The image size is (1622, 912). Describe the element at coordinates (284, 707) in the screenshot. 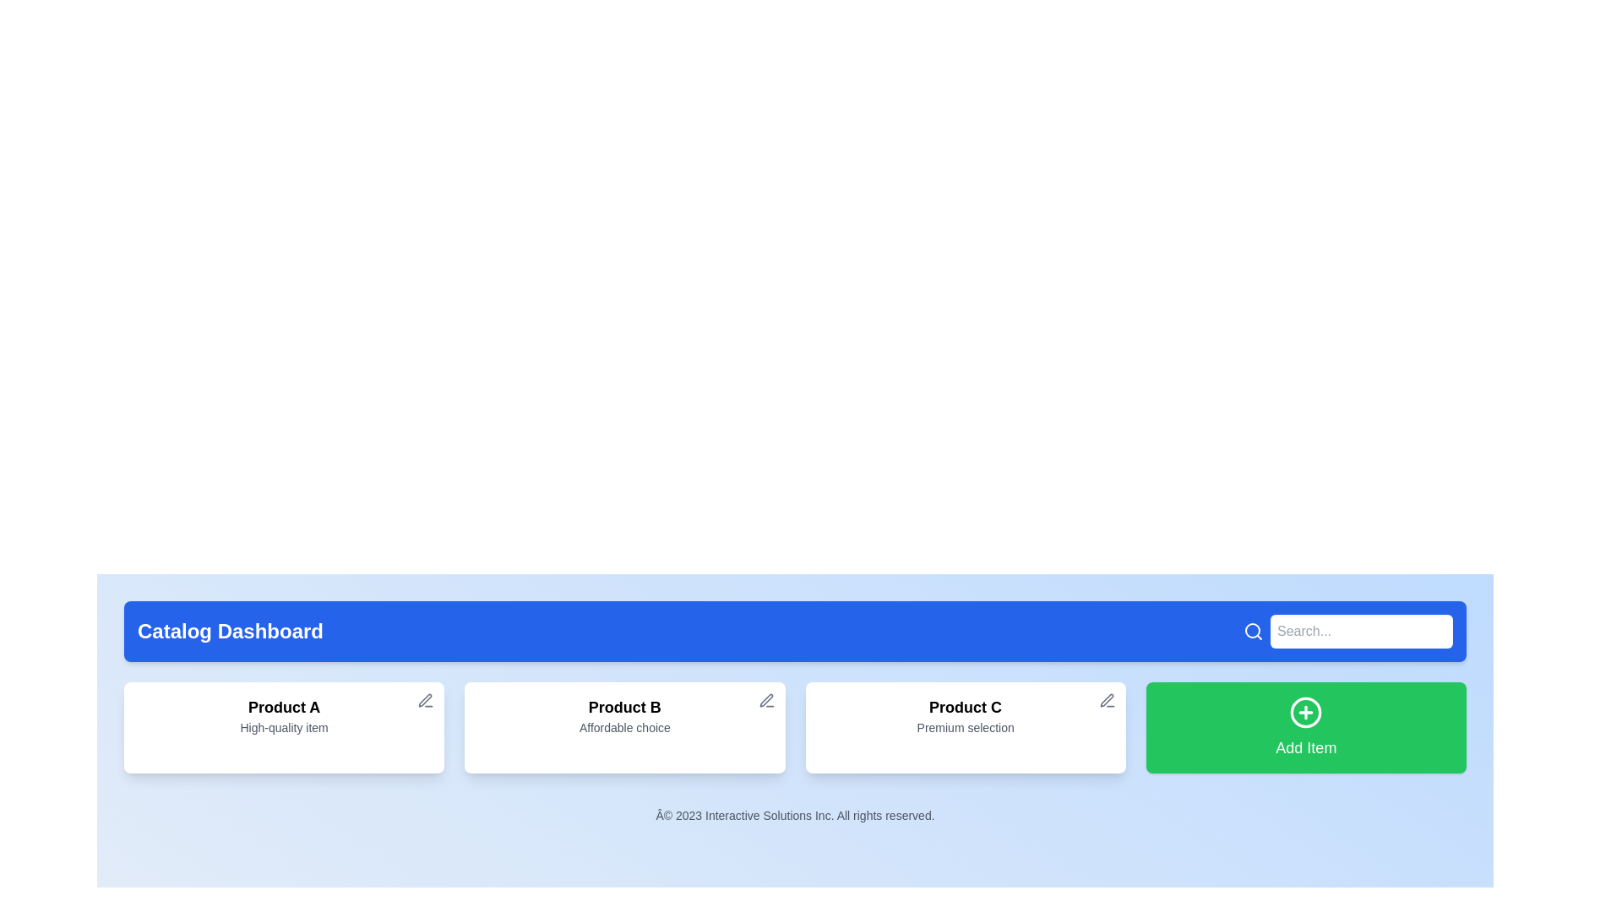

I see `the static text label reading 'Product A' located in the first card widget from the left, positioned near the top-left corner of the card` at that location.